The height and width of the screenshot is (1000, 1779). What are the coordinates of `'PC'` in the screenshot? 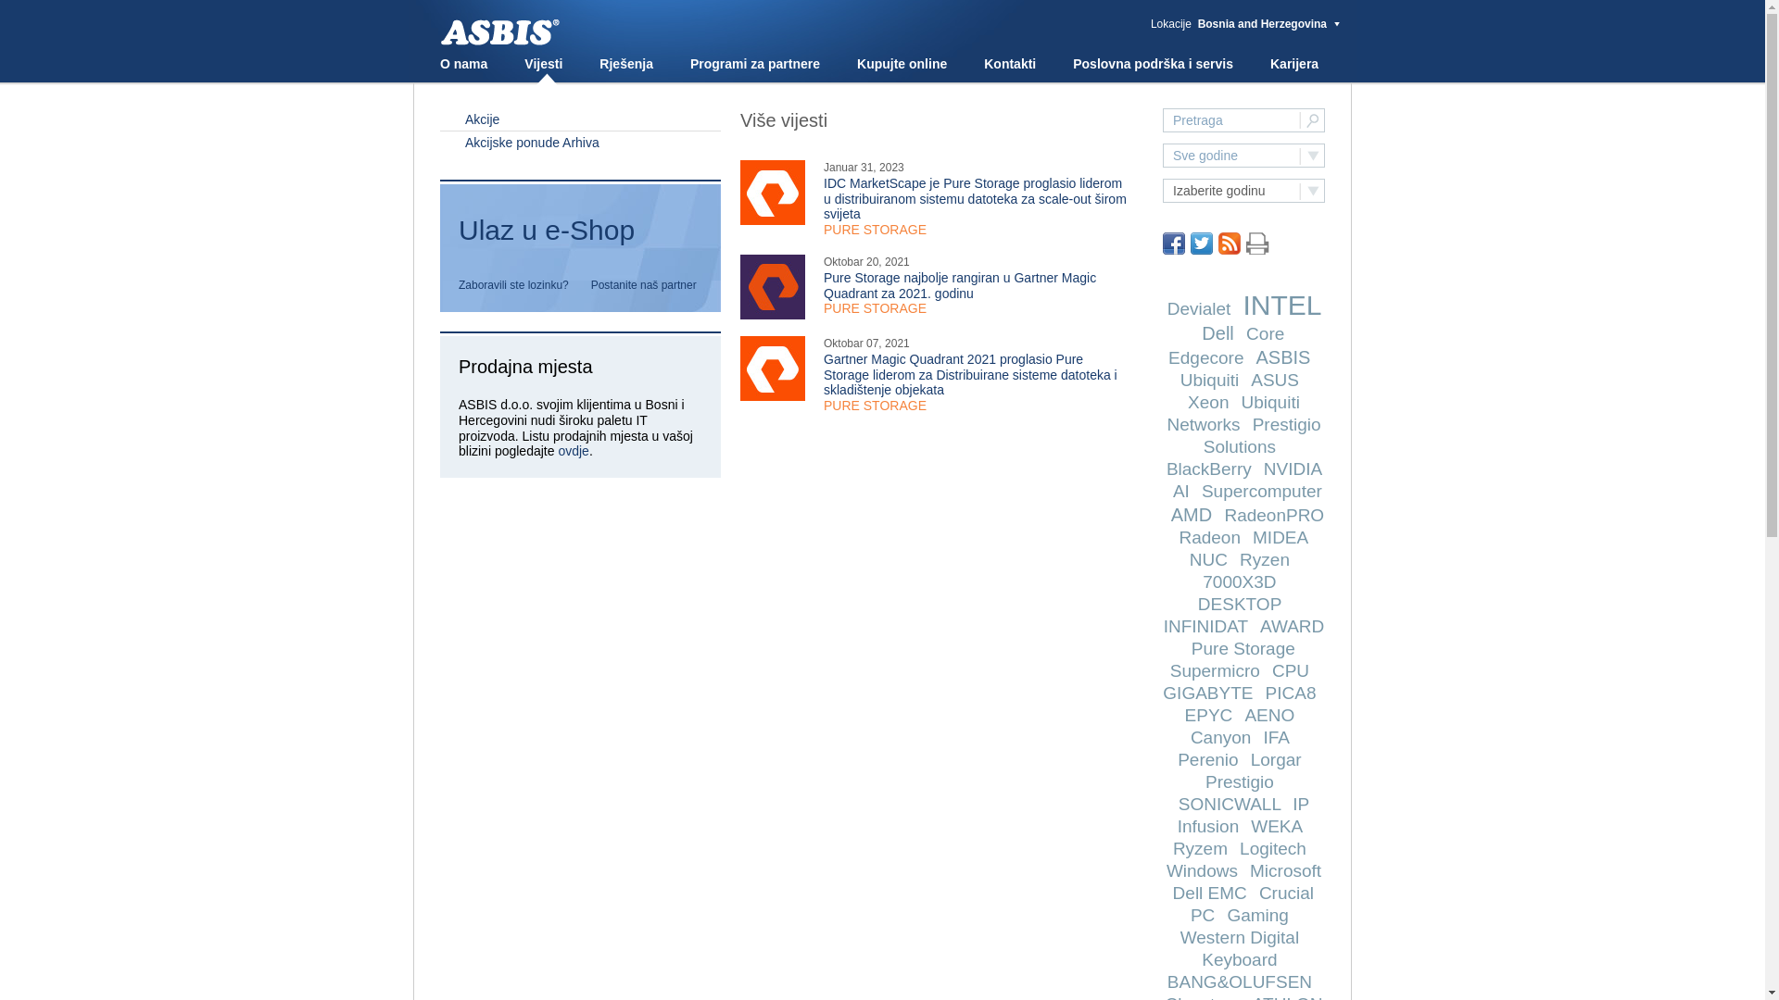 It's located at (1202, 914).